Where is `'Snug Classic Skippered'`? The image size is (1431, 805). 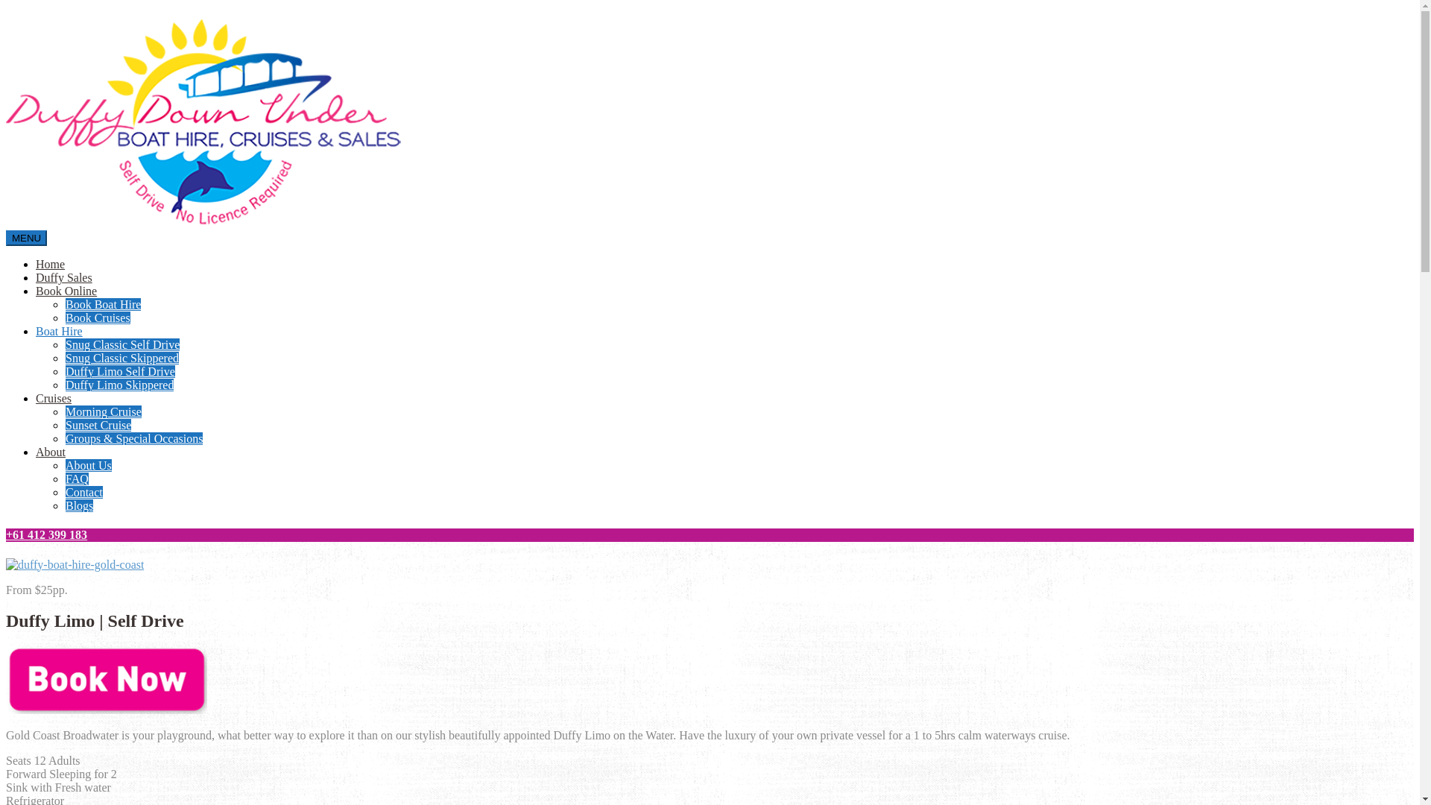
'Snug Classic Skippered' is located at coordinates (121, 358).